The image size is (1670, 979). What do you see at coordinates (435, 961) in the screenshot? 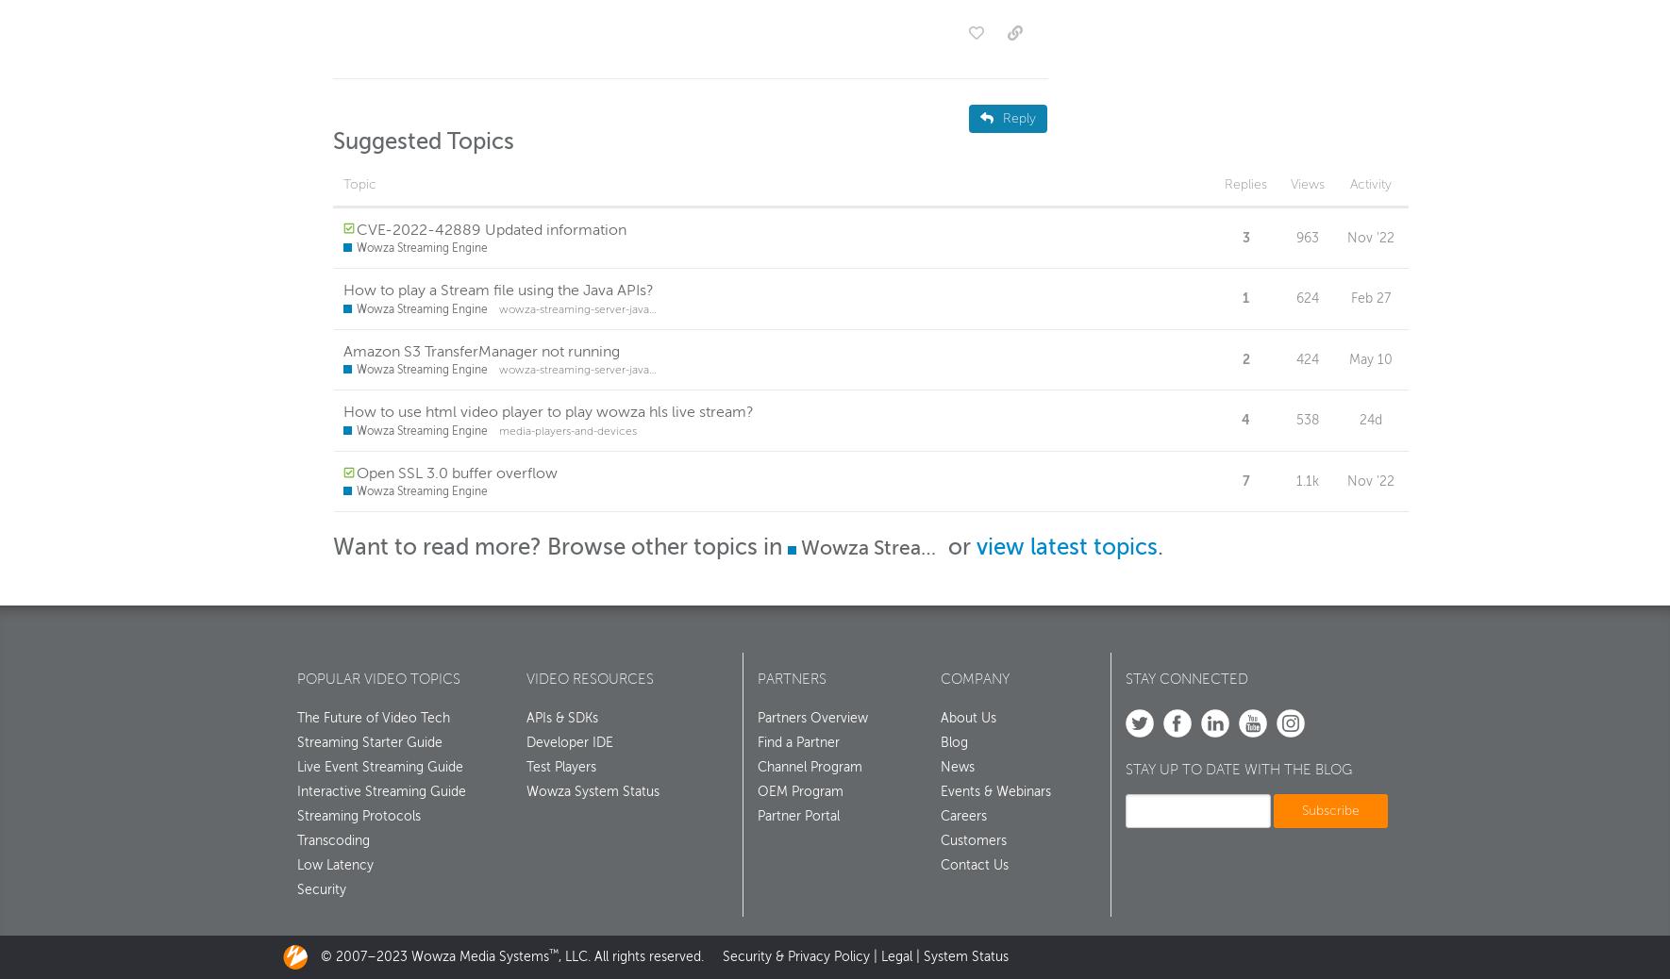
I see `'© 2007–2023 Wowza Media Systems'` at bounding box center [435, 961].